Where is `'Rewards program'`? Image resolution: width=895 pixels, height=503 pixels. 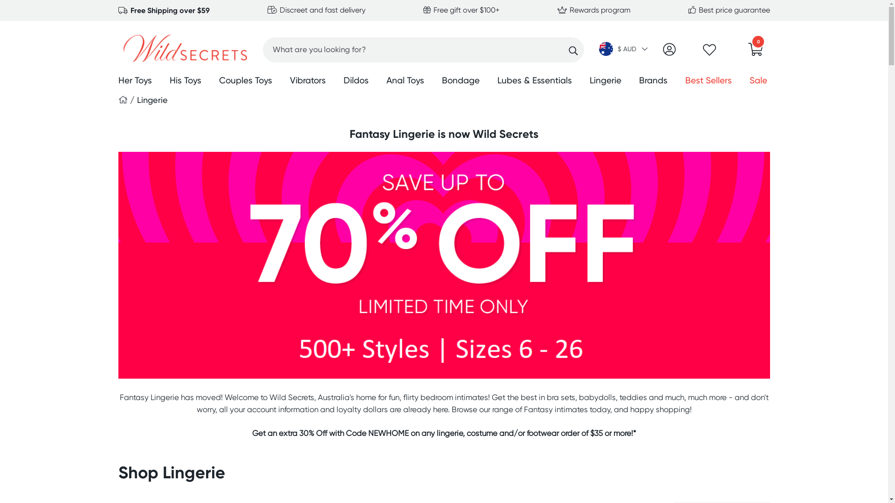 'Rewards program' is located at coordinates (557, 10).